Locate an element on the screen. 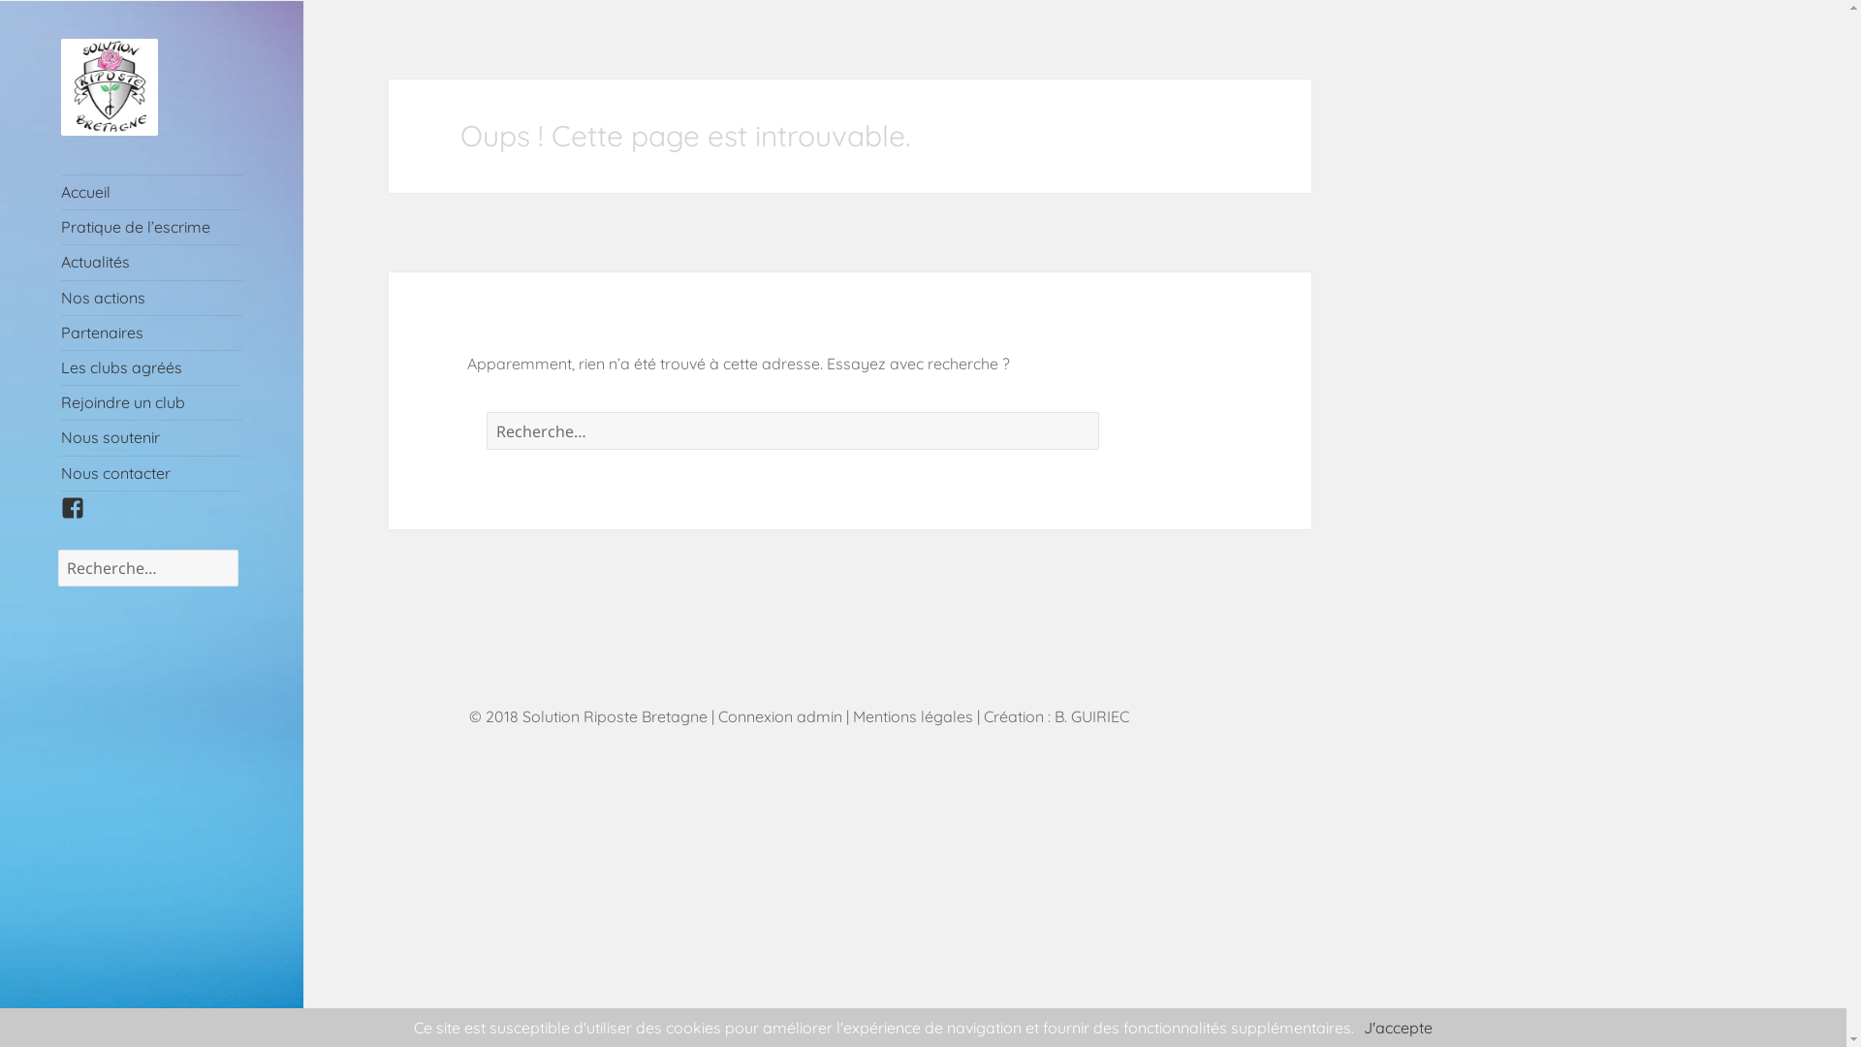 The image size is (1861, 1047). 'Partenaires' is located at coordinates (151, 332).